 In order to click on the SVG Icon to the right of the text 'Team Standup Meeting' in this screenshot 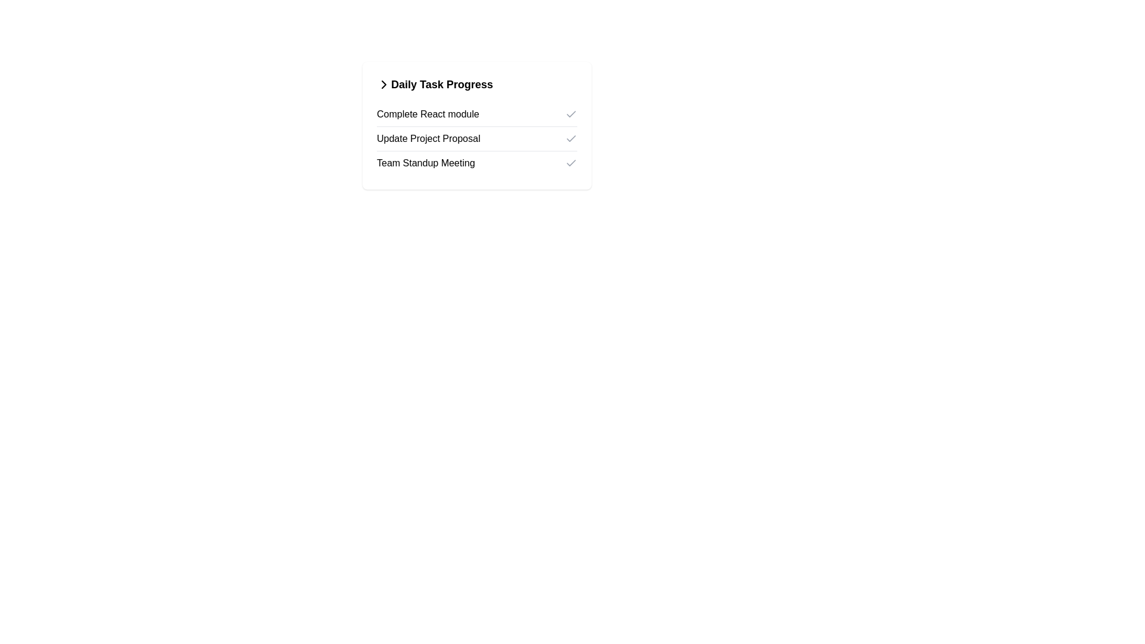, I will do `click(571, 163)`.